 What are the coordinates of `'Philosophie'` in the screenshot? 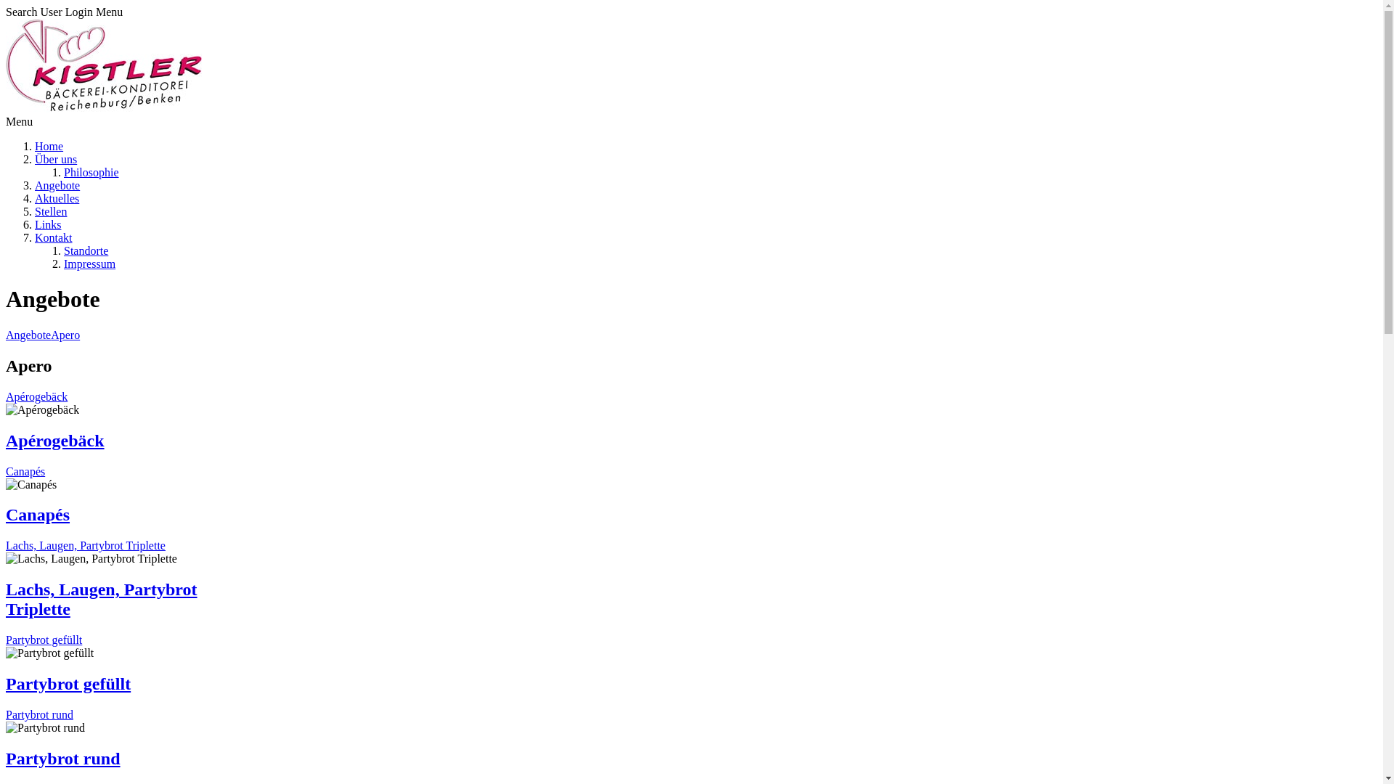 It's located at (90, 171).